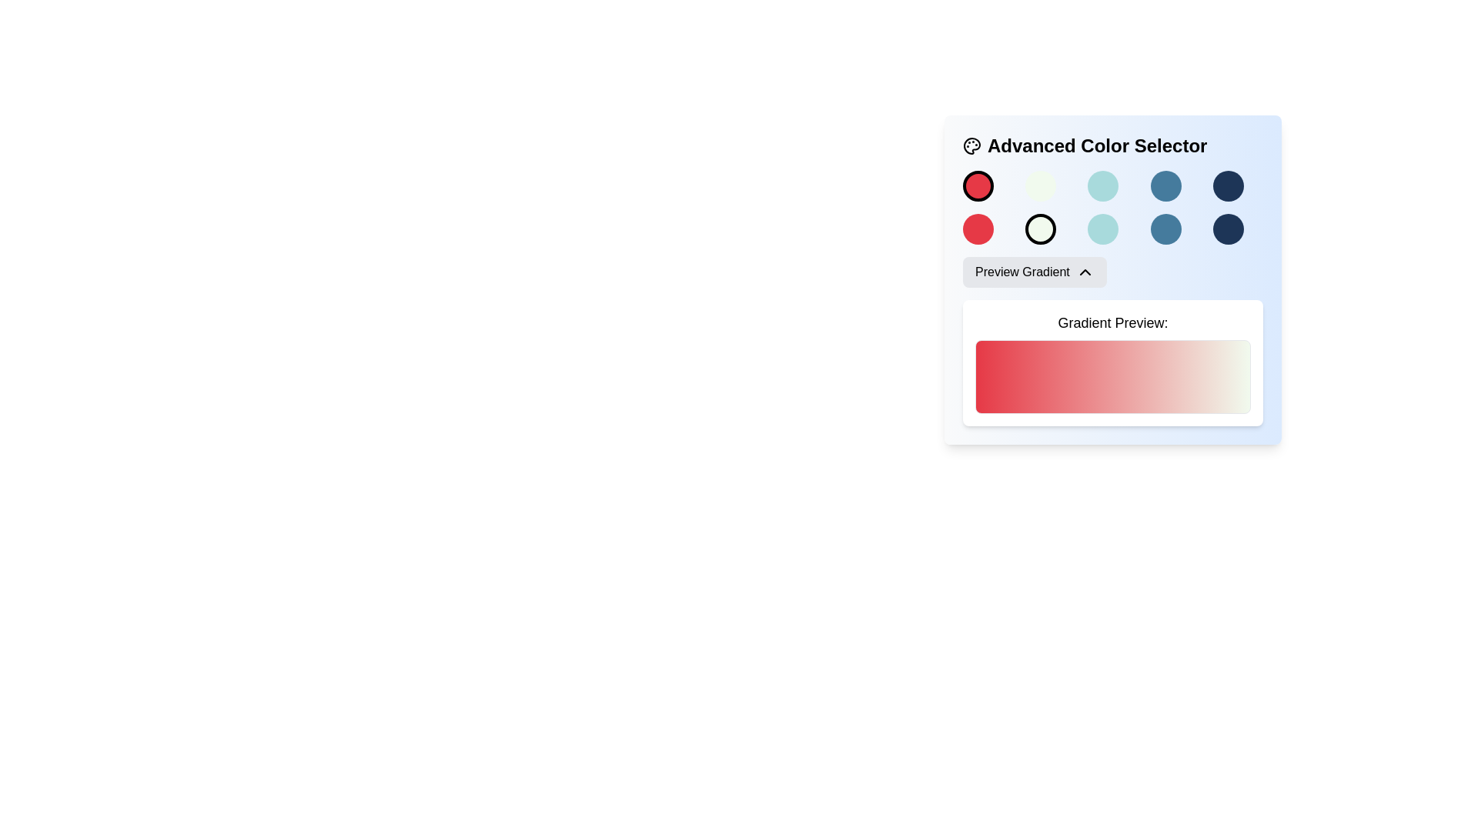 Image resolution: width=1478 pixels, height=831 pixels. I want to click on the palette icon with a circular shape and small circles inside, located to the left of the 'Advanced Color Selector' text, so click(971, 145).